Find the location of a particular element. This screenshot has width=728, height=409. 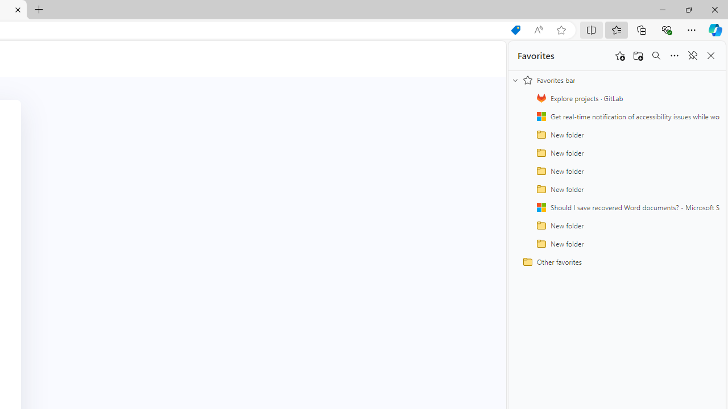

'Unpin favorites' is located at coordinates (692, 56).